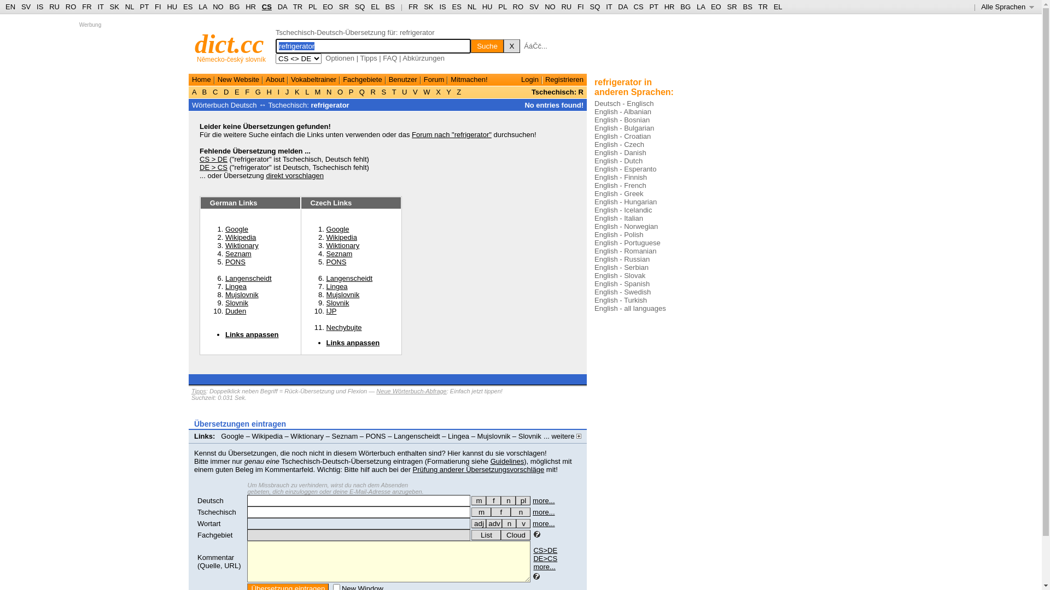  What do you see at coordinates (428, 7) in the screenshot?
I see `'SK'` at bounding box center [428, 7].